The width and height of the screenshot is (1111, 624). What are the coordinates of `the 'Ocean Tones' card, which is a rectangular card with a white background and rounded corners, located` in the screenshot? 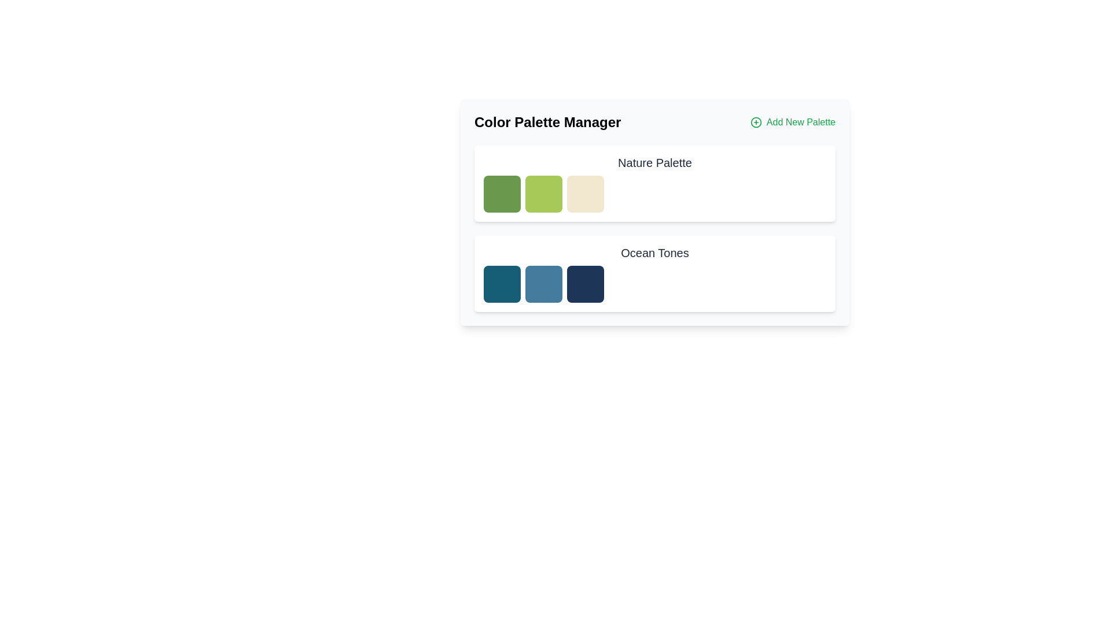 It's located at (655, 274).